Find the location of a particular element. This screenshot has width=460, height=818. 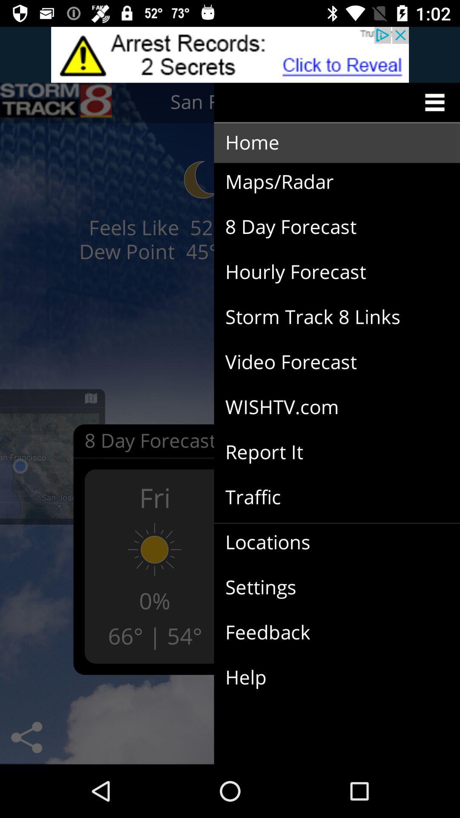

the share icon is located at coordinates (26, 737).